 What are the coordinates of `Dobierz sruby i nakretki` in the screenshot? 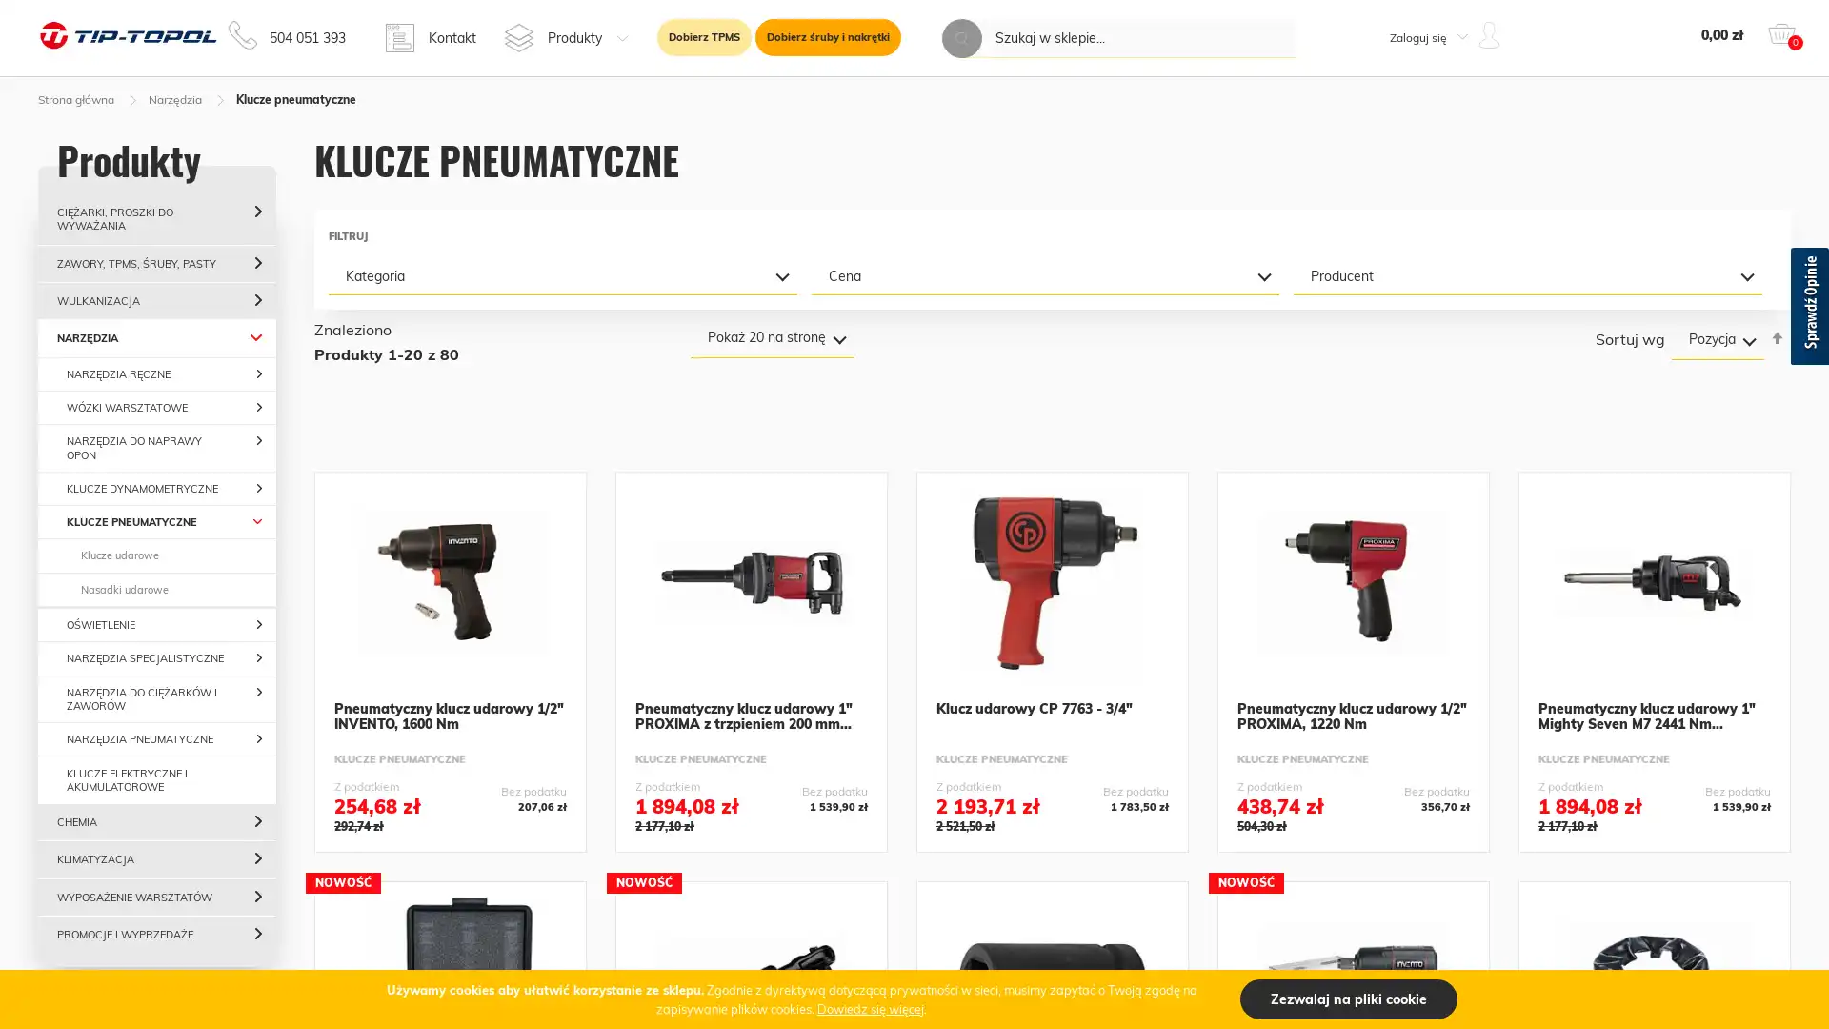 It's located at (828, 37).